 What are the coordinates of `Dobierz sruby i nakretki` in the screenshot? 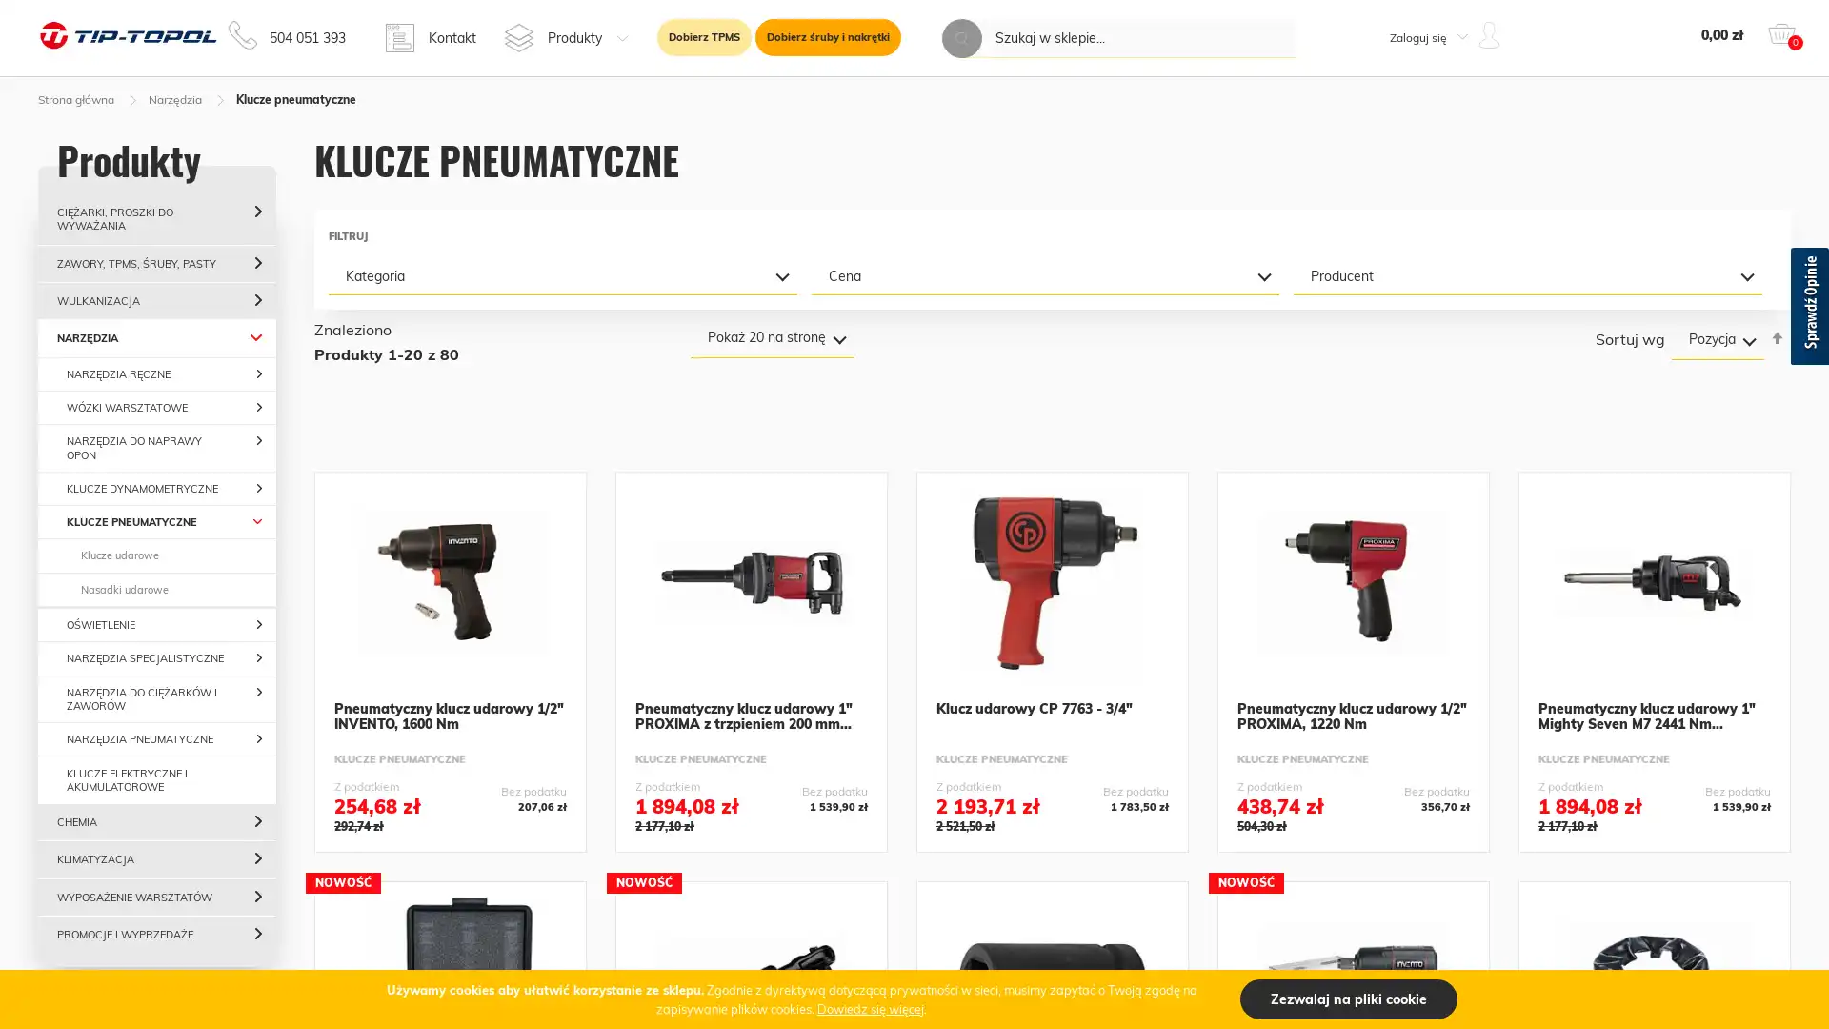 It's located at (828, 37).